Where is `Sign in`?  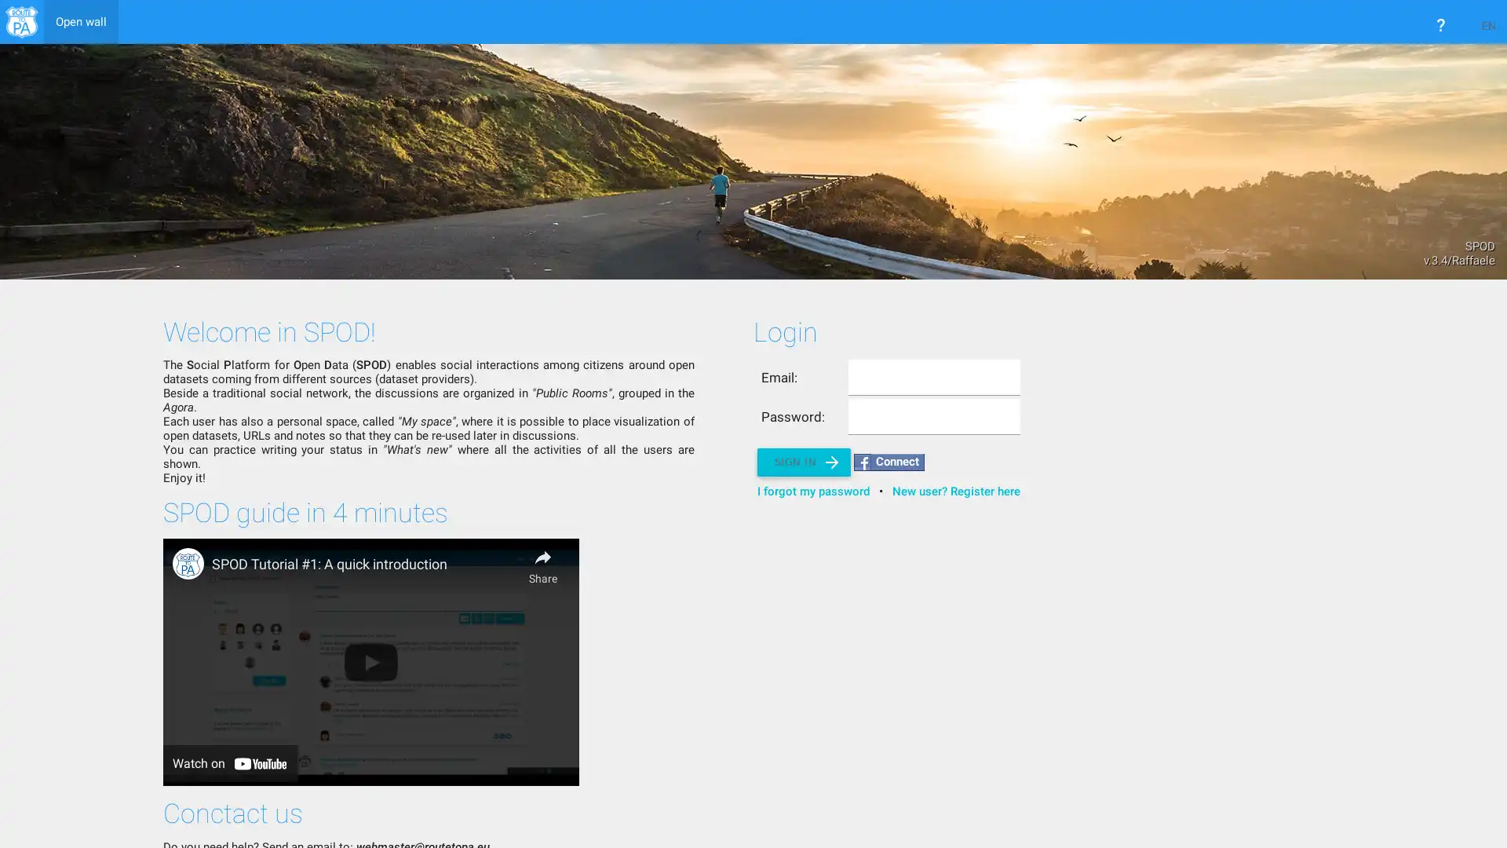
Sign in is located at coordinates (803, 462).